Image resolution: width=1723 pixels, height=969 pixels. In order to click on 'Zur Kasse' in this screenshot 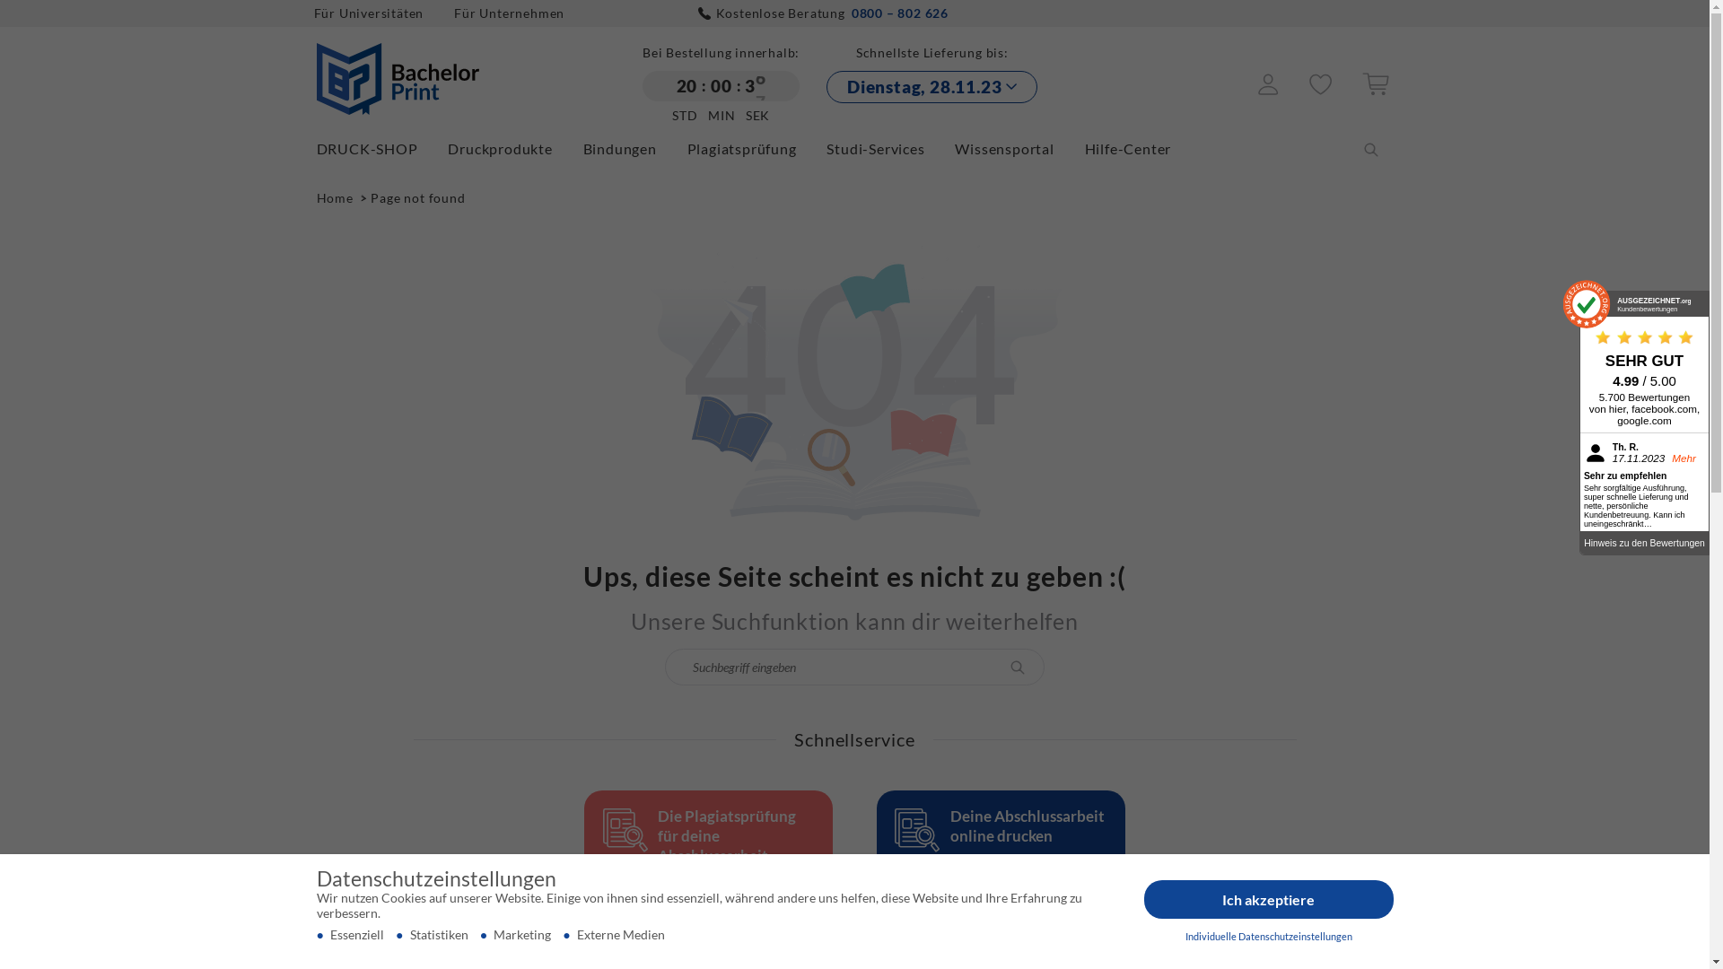, I will do `click(1361, 90)`.